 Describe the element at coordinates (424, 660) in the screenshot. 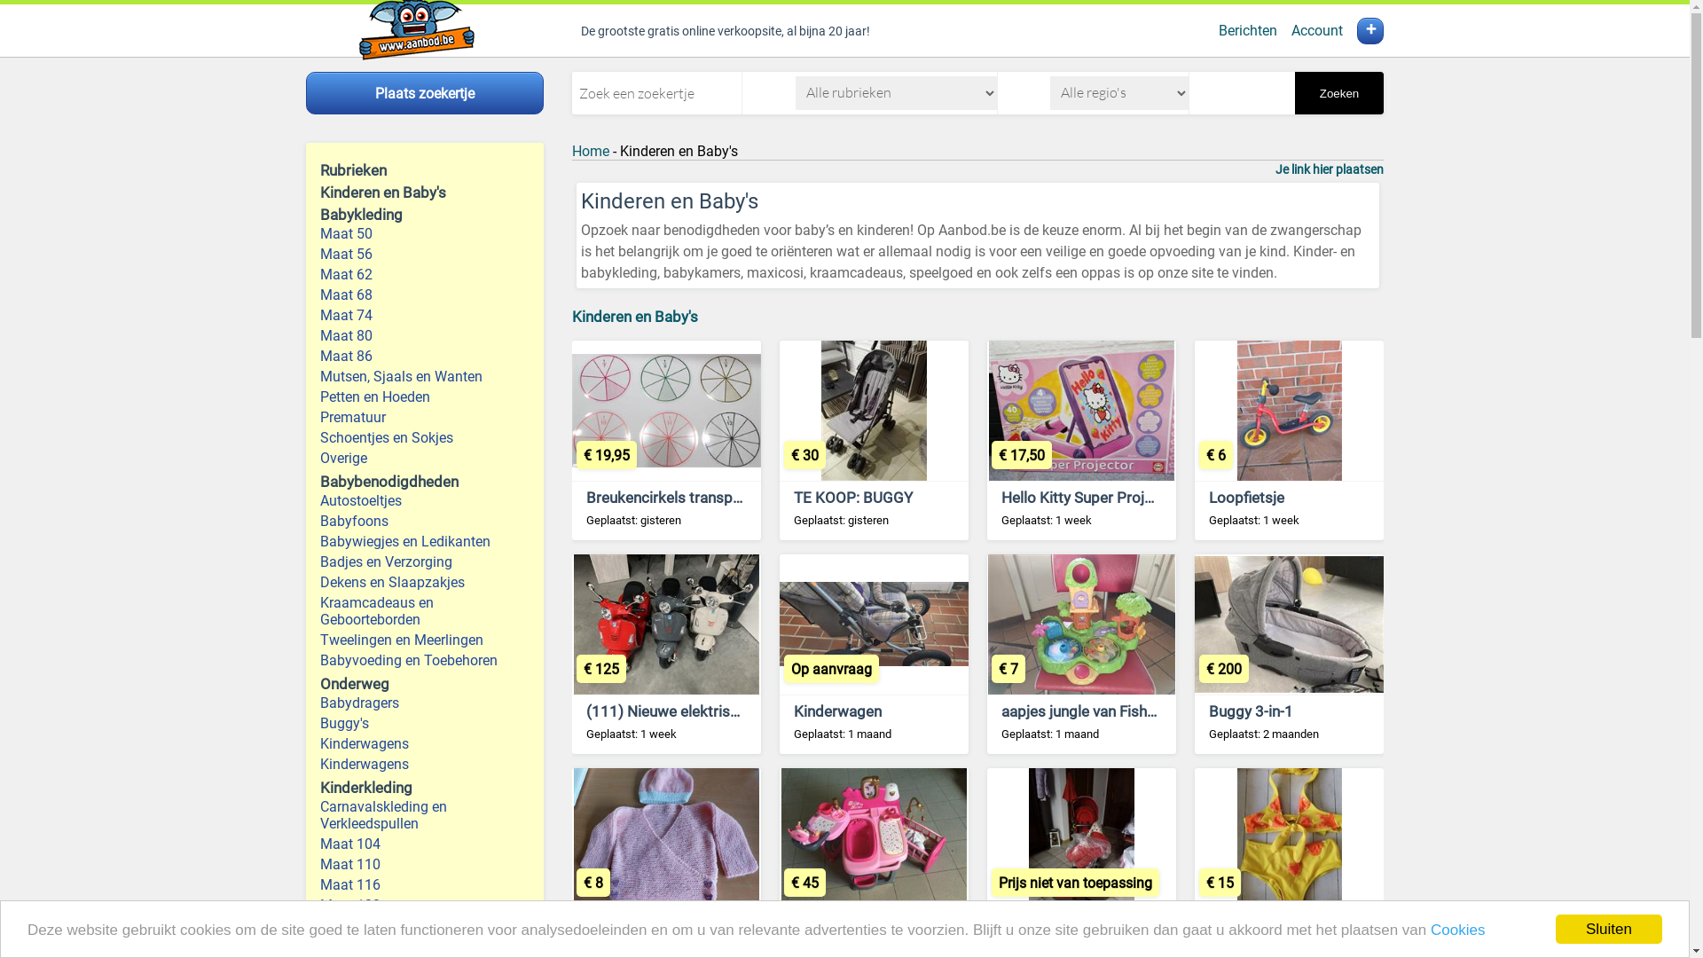

I see `'Babyvoeding en Toebehoren'` at that location.